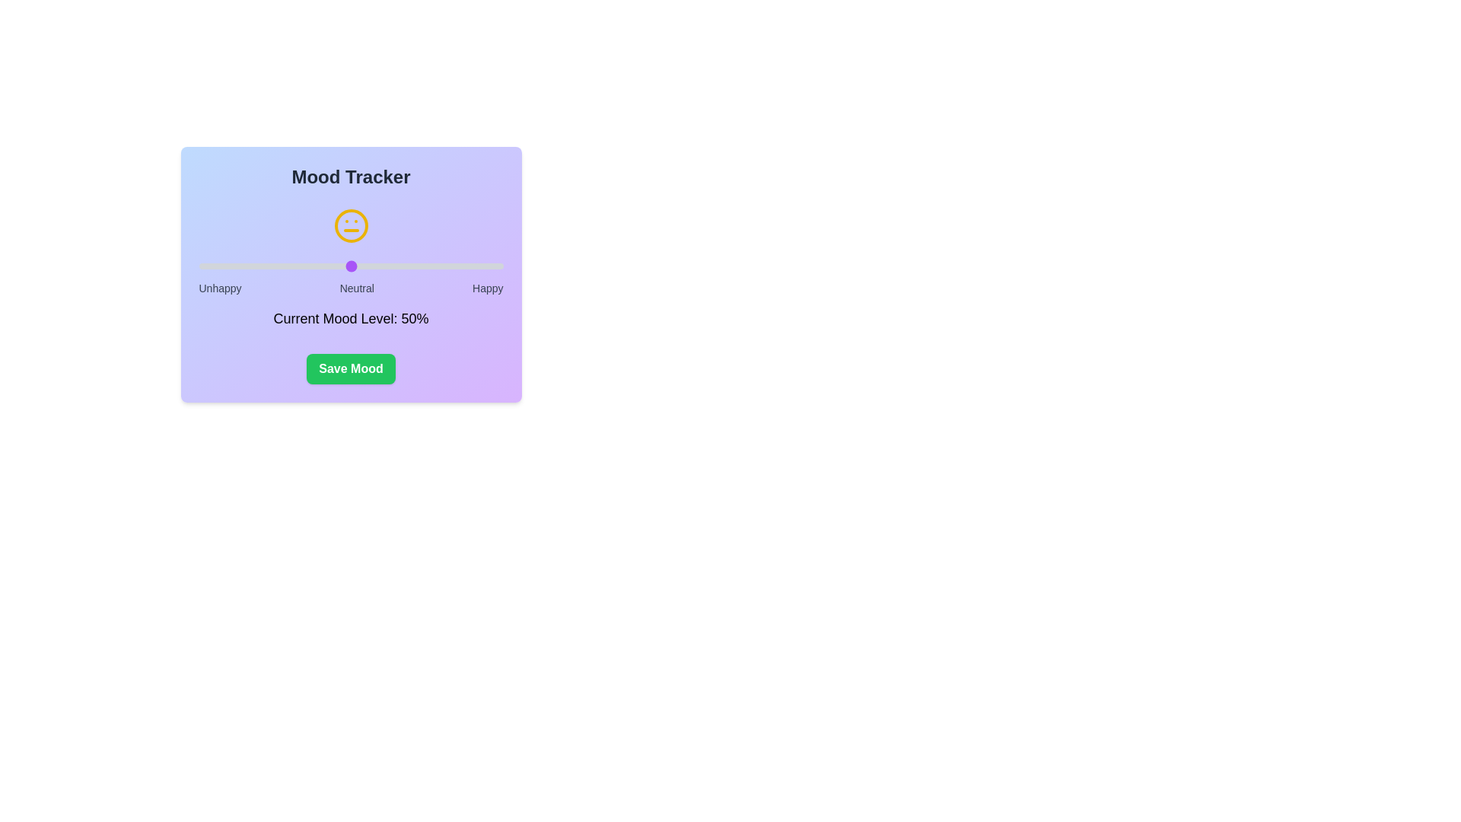 The width and height of the screenshot is (1461, 822). Describe the element at coordinates (494, 266) in the screenshot. I see `the mood level to 97% using the slider` at that location.